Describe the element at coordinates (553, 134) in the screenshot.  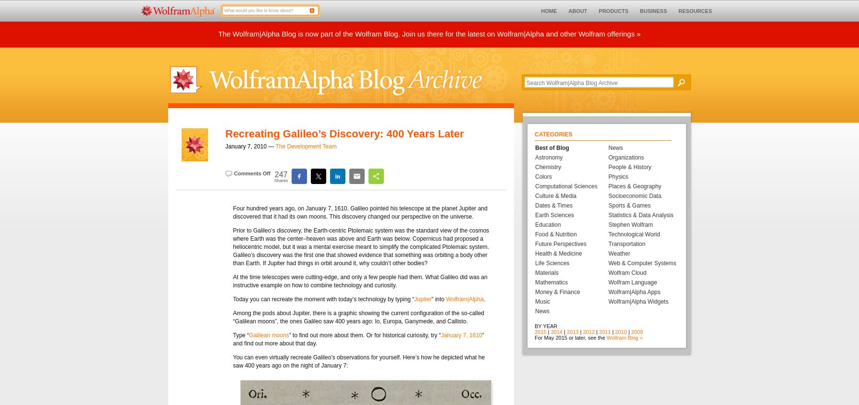
I see `'CATEGORIES'` at that location.